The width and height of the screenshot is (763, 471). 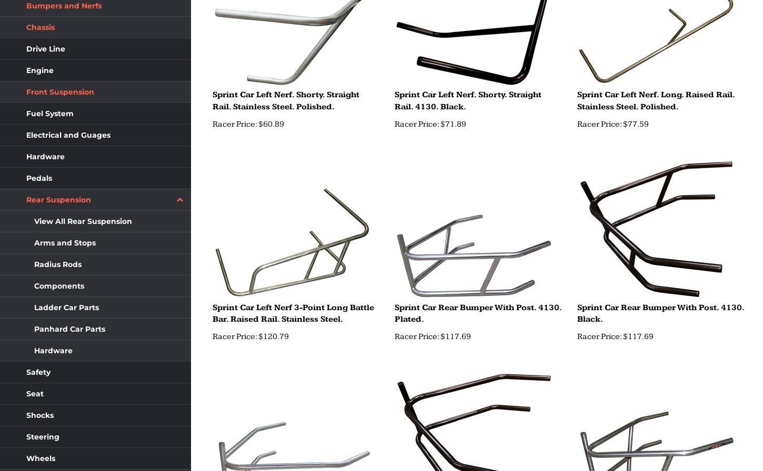 What do you see at coordinates (256, 336) in the screenshot?
I see `'$120.79'` at bounding box center [256, 336].